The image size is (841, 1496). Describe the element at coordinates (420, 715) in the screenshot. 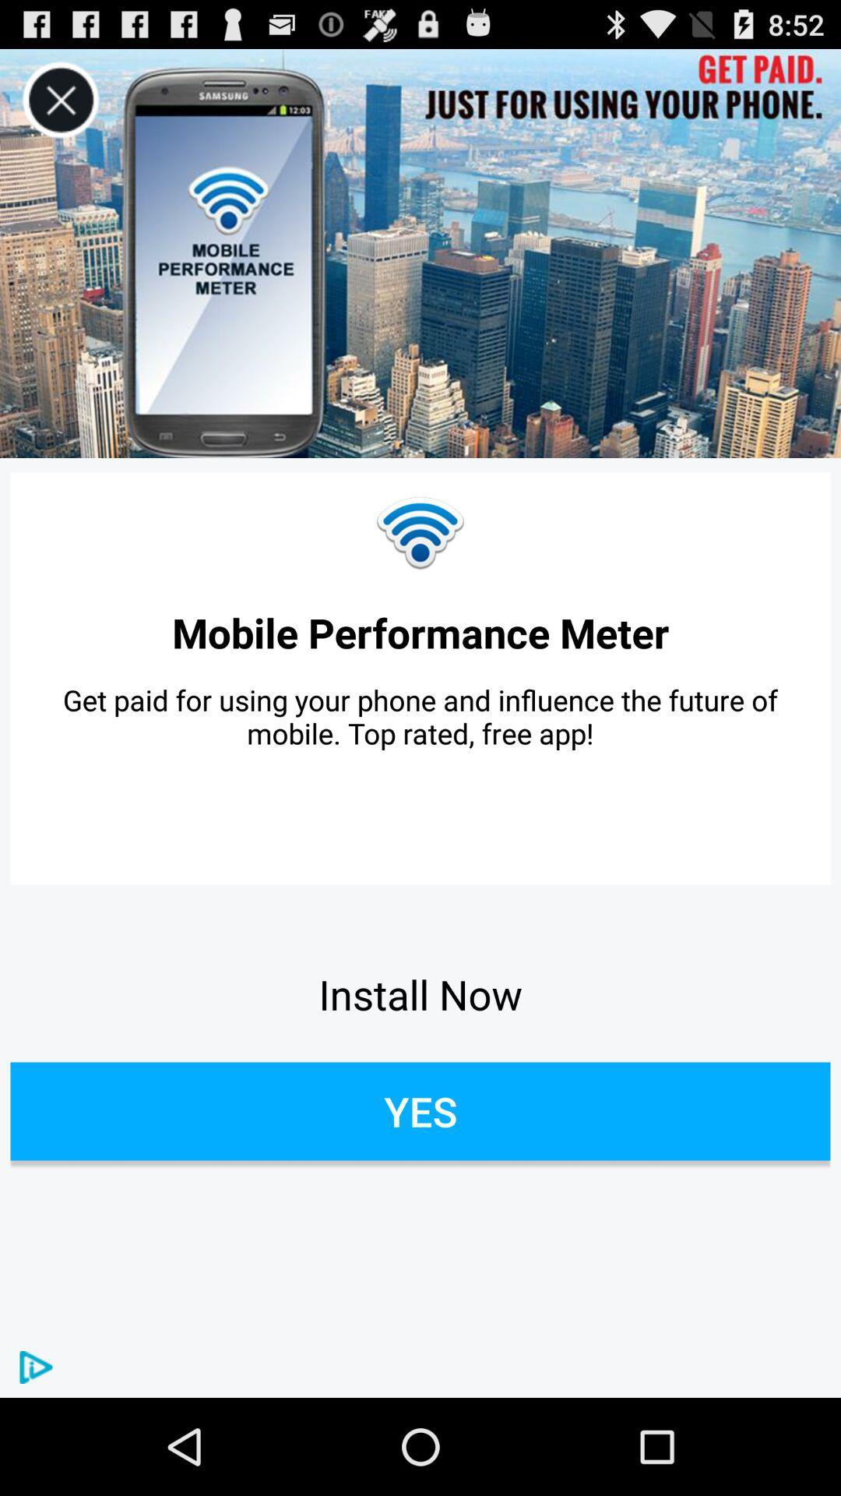

I see `item above the install now item` at that location.